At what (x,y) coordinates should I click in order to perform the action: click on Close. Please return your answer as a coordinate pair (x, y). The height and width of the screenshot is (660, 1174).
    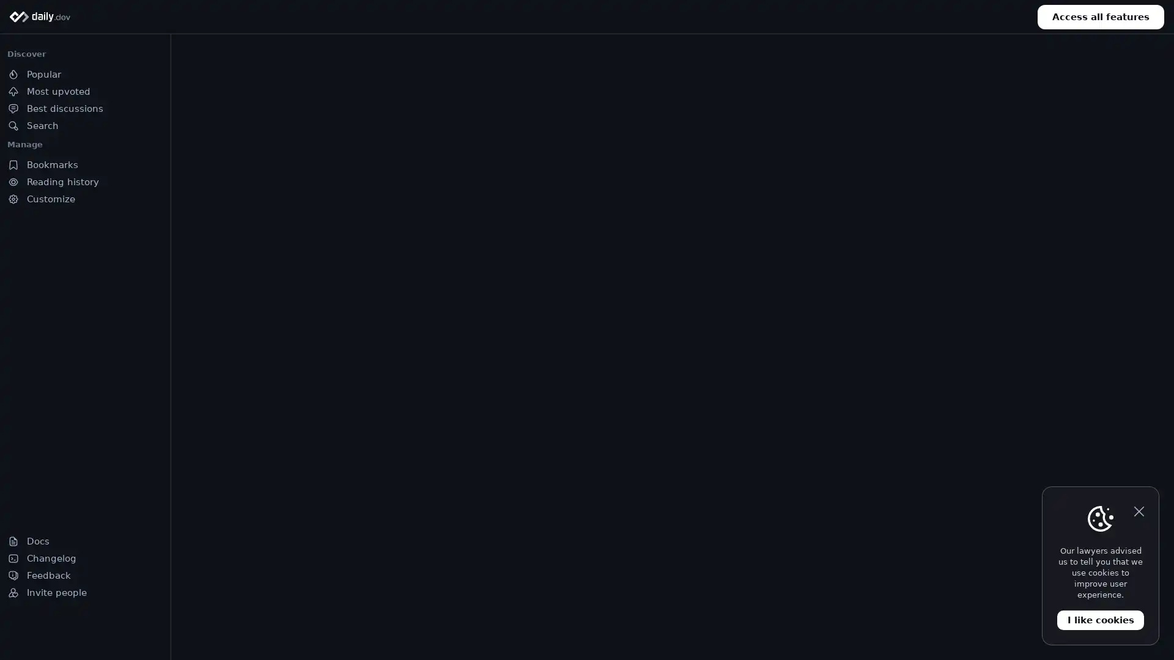
    Looking at the image, I should click on (1138, 512).